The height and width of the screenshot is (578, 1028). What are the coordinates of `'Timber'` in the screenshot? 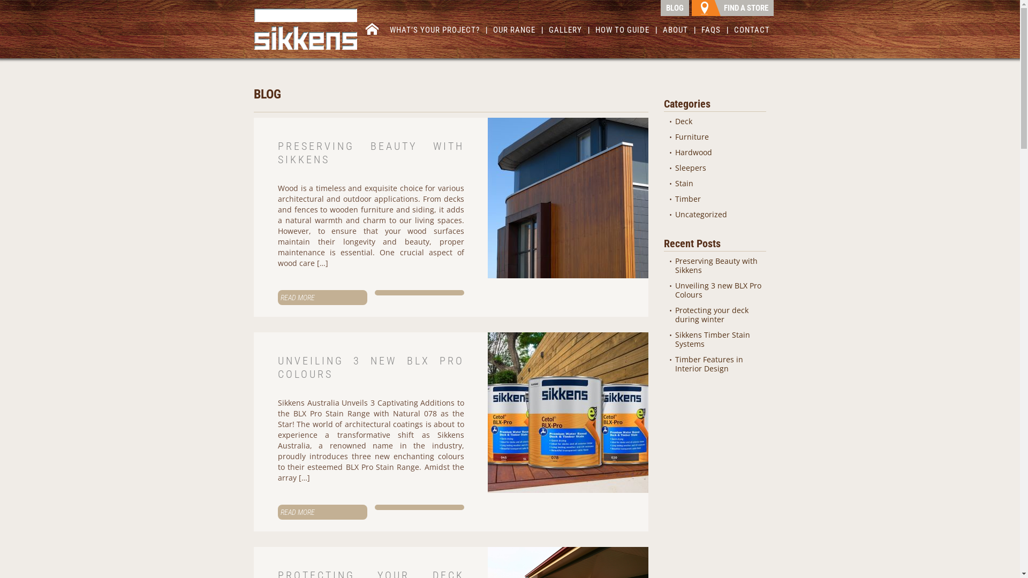 It's located at (688, 199).